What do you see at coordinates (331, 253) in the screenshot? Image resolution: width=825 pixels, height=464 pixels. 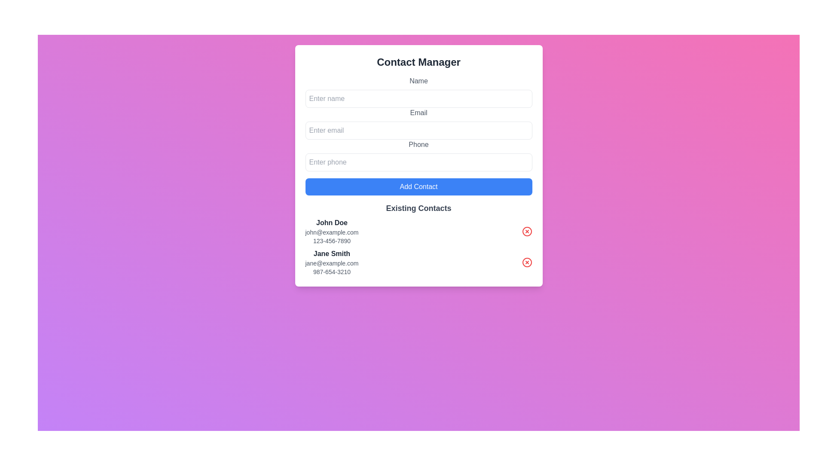 I see `the static text element displaying the name 'Jane Smith', which is located in the 'Existing Contacts' section, directly above its associated email and phone number` at bounding box center [331, 253].